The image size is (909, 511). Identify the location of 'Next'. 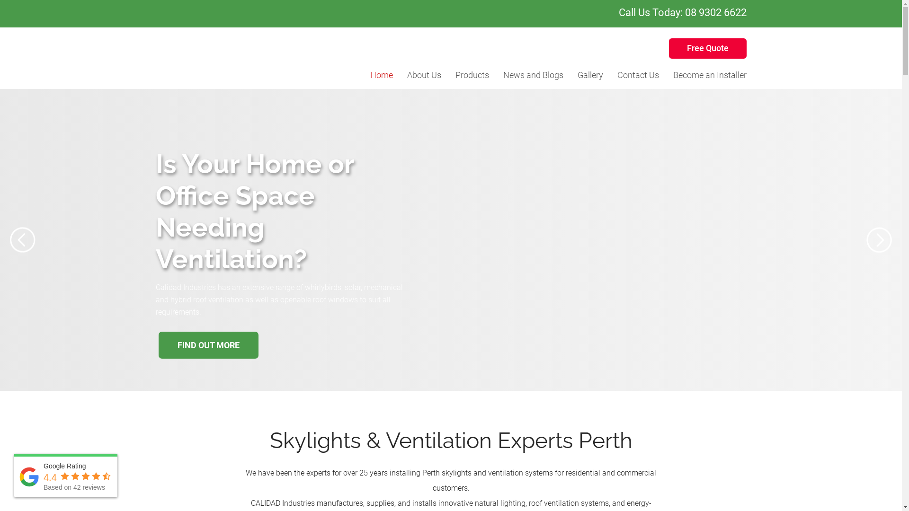
(866, 239).